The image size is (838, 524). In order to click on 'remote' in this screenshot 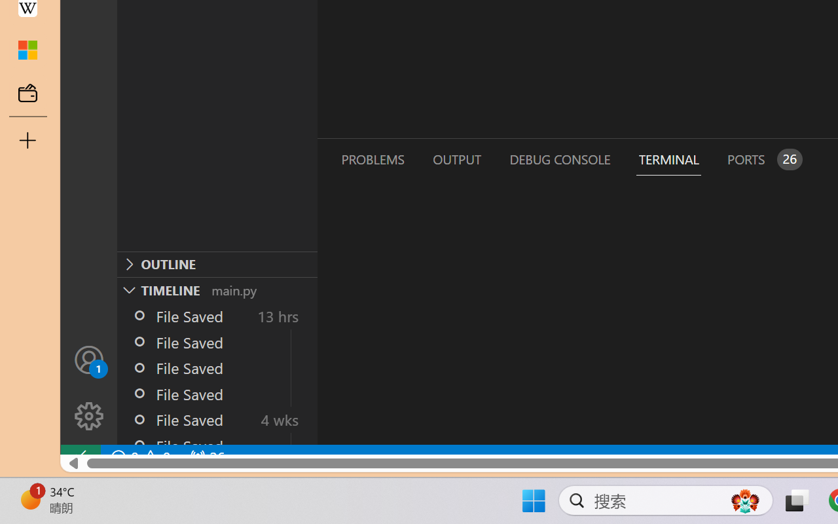, I will do `click(79, 457)`.